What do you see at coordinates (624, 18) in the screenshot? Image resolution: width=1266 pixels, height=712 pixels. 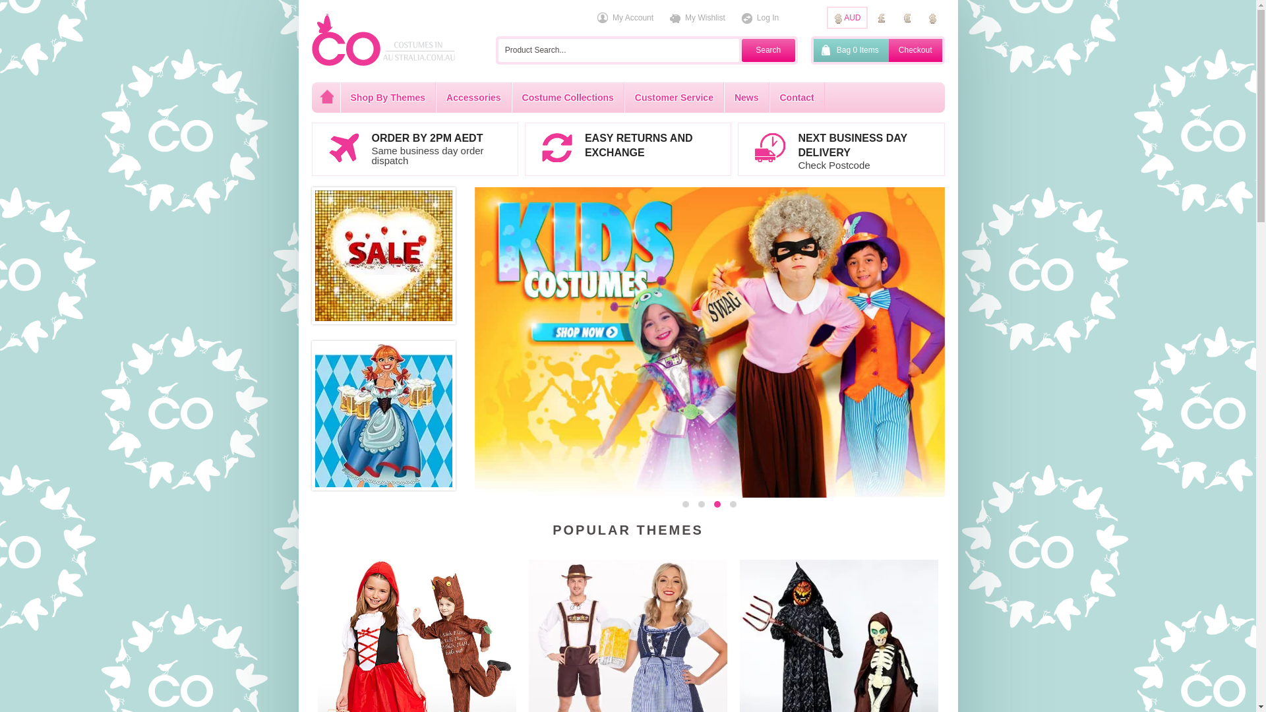 I see `'My Account'` at bounding box center [624, 18].